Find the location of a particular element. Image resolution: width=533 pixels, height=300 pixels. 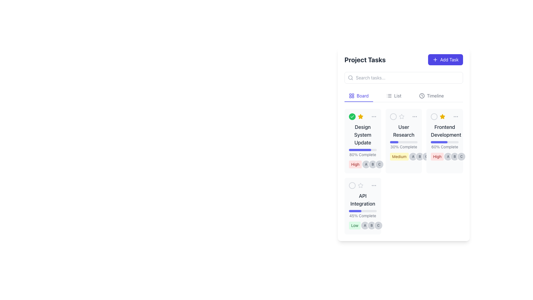

the progress indicator labeled '45% Complete' within the 'API Integration' card, positioned below the heading and above the 'Low' label is located at coordinates (363, 214).